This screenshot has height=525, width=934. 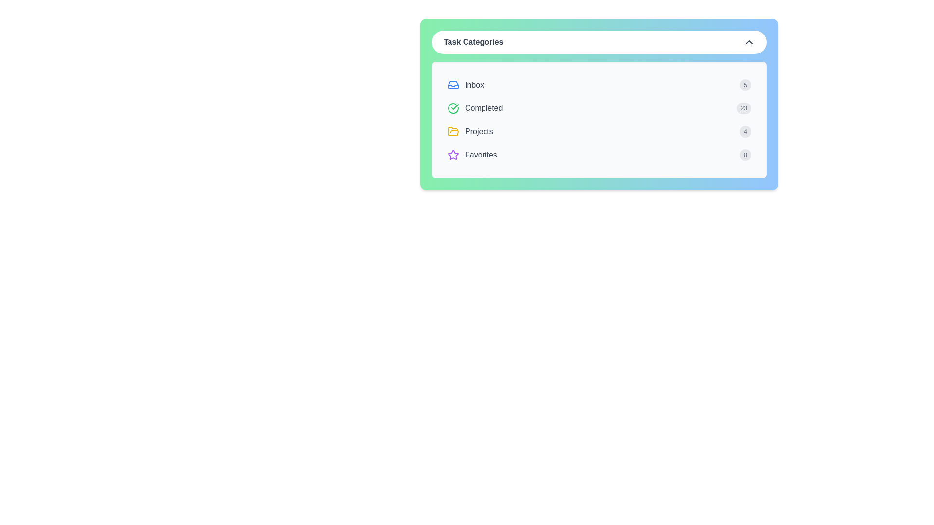 What do you see at coordinates (743, 108) in the screenshot?
I see `the small circular badge with a light gray background and dark gray text displaying the number '23', positioned in the rightmost position within the 'Completed' section of the layout` at bounding box center [743, 108].